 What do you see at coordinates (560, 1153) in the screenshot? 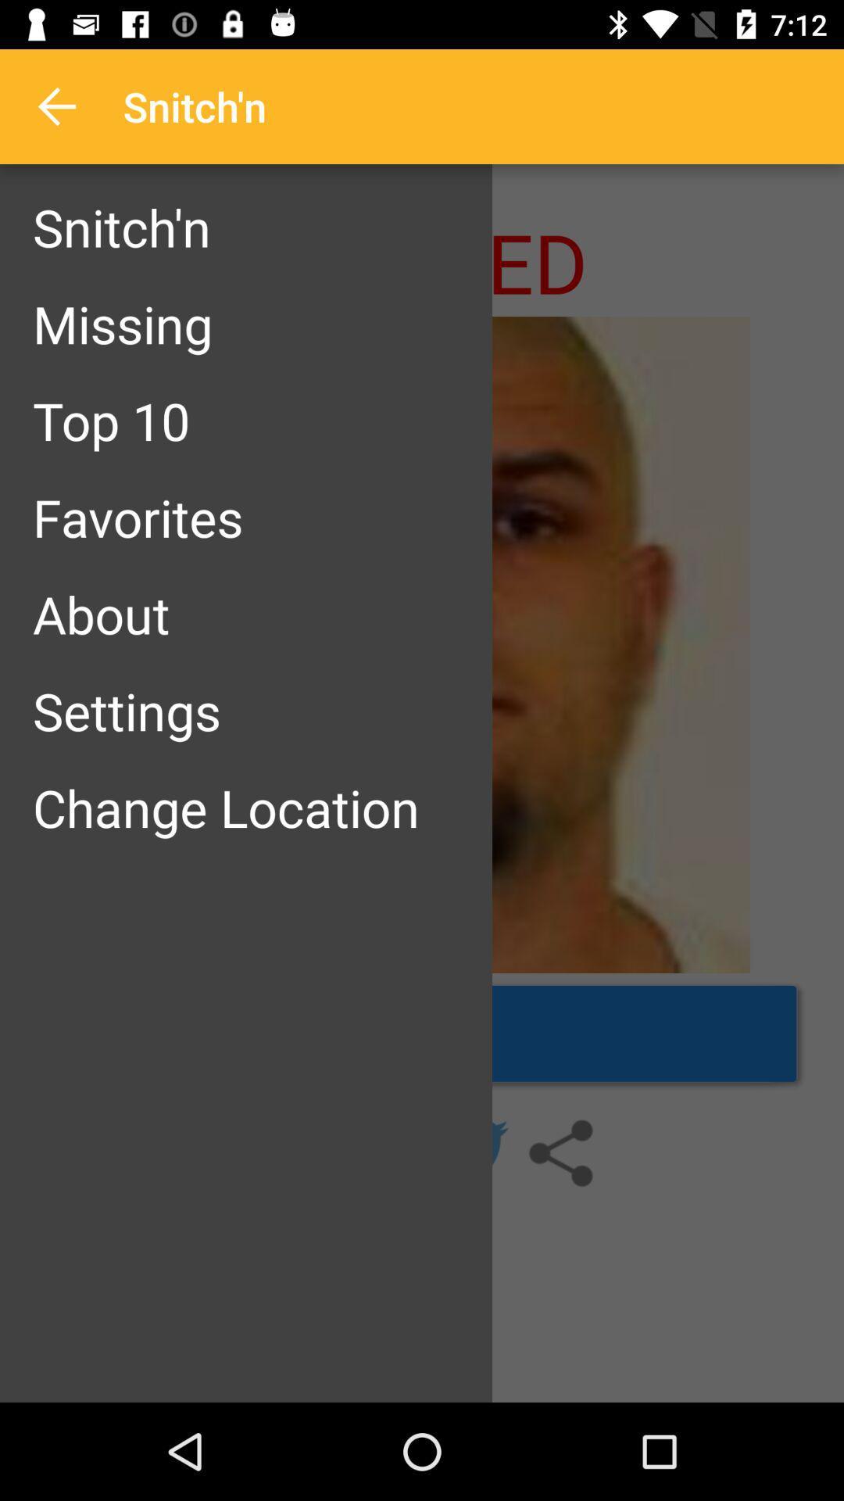
I see `share symbol` at bounding box center [560, 1153].